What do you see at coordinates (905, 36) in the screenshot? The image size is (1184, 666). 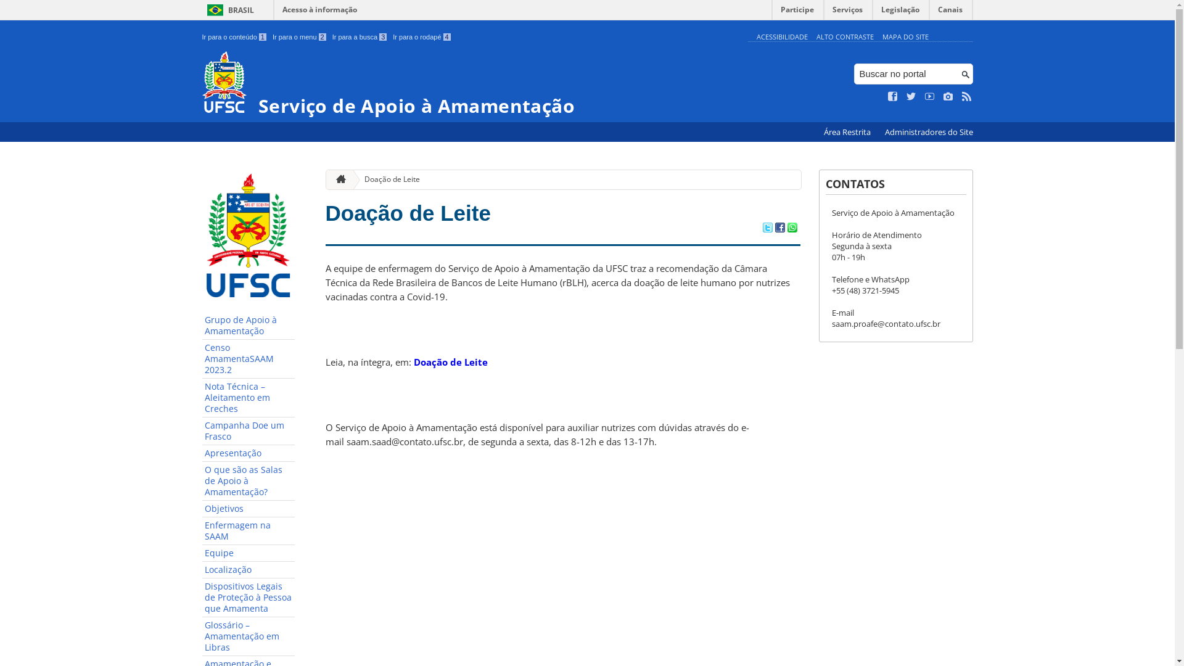 I see `'MAPA DO SITE'` at bounding box center [905, 36].